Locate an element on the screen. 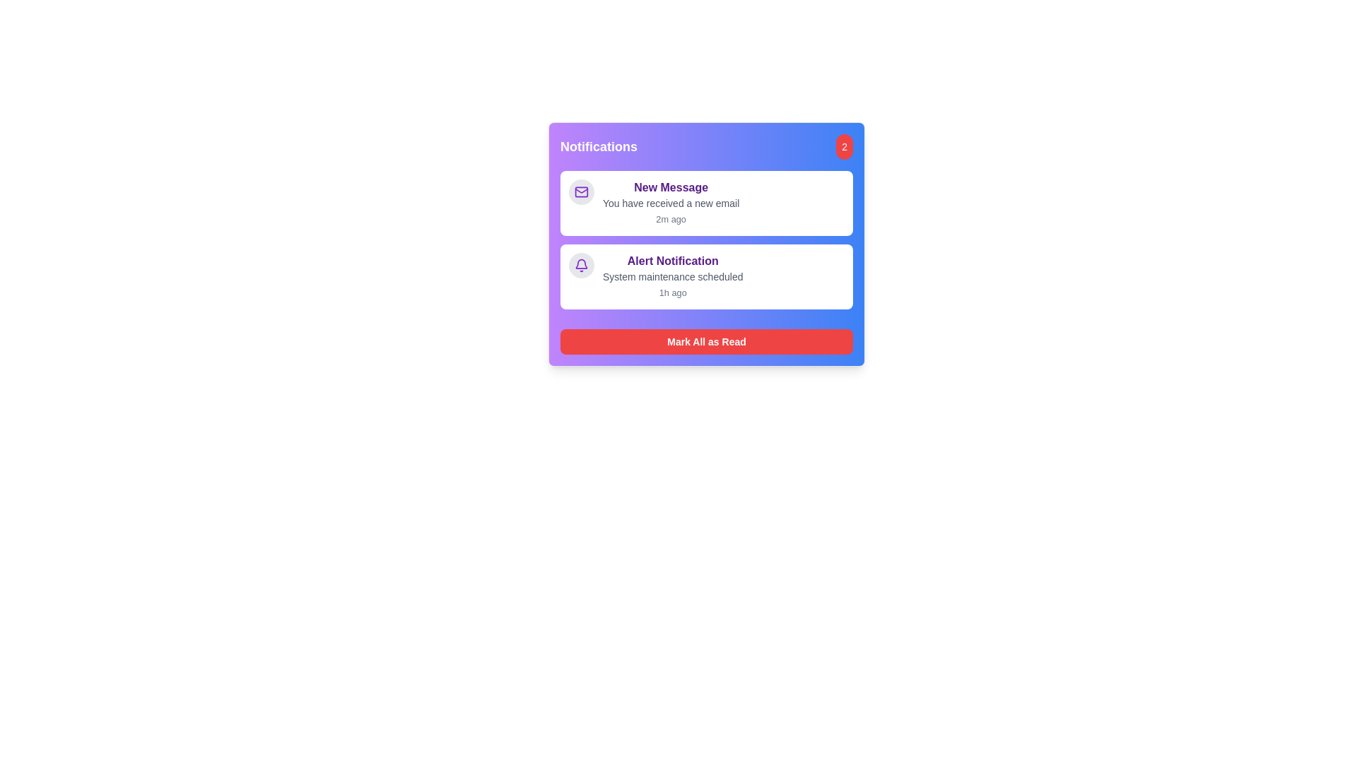 This screenshot has height=763, width=1357. the Notification panel, which is a rectangular pop-up styled notification box with a gradient background and the title 'Notifications' at the top is located at coordinates (860, 271).